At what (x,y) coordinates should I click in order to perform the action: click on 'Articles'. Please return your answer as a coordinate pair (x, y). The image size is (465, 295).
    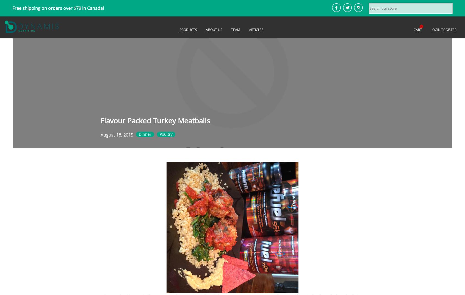
    Looking at the image, I should click on (256, 29).